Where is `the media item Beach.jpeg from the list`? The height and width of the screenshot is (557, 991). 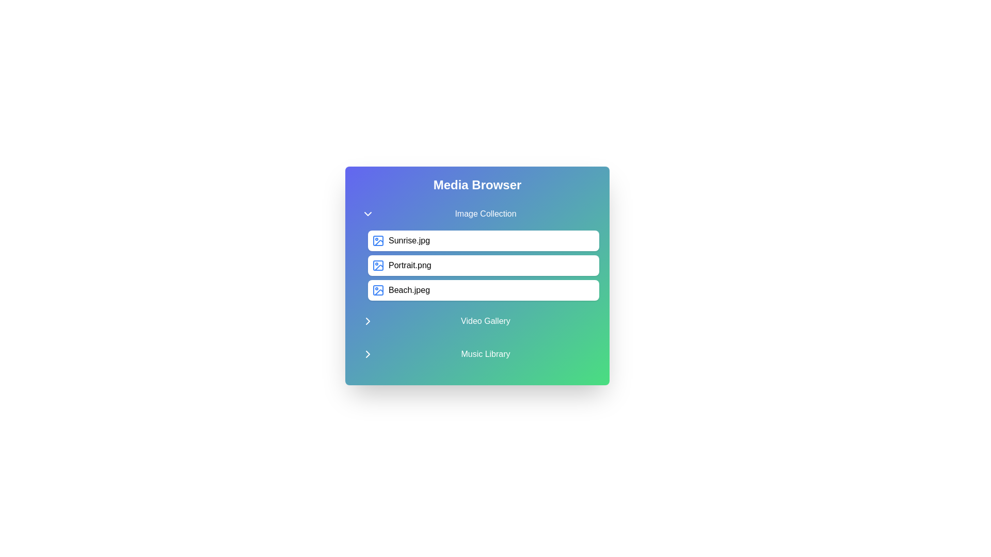
the media item Beach.jpeg from the list is located at coordinates (483, 290).